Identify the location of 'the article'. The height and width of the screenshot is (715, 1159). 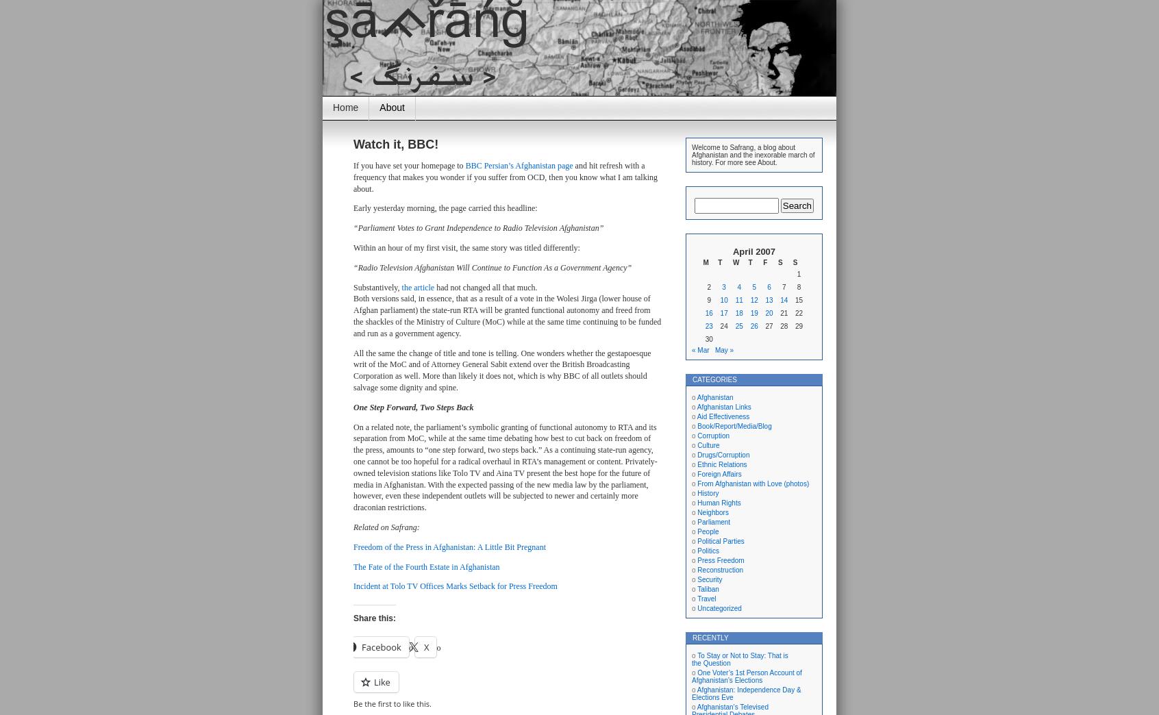
(416, 286).